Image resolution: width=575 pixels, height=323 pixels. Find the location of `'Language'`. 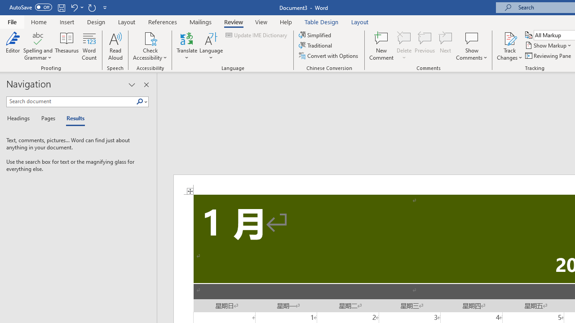

'Language' is located at coordinates (211, 46).